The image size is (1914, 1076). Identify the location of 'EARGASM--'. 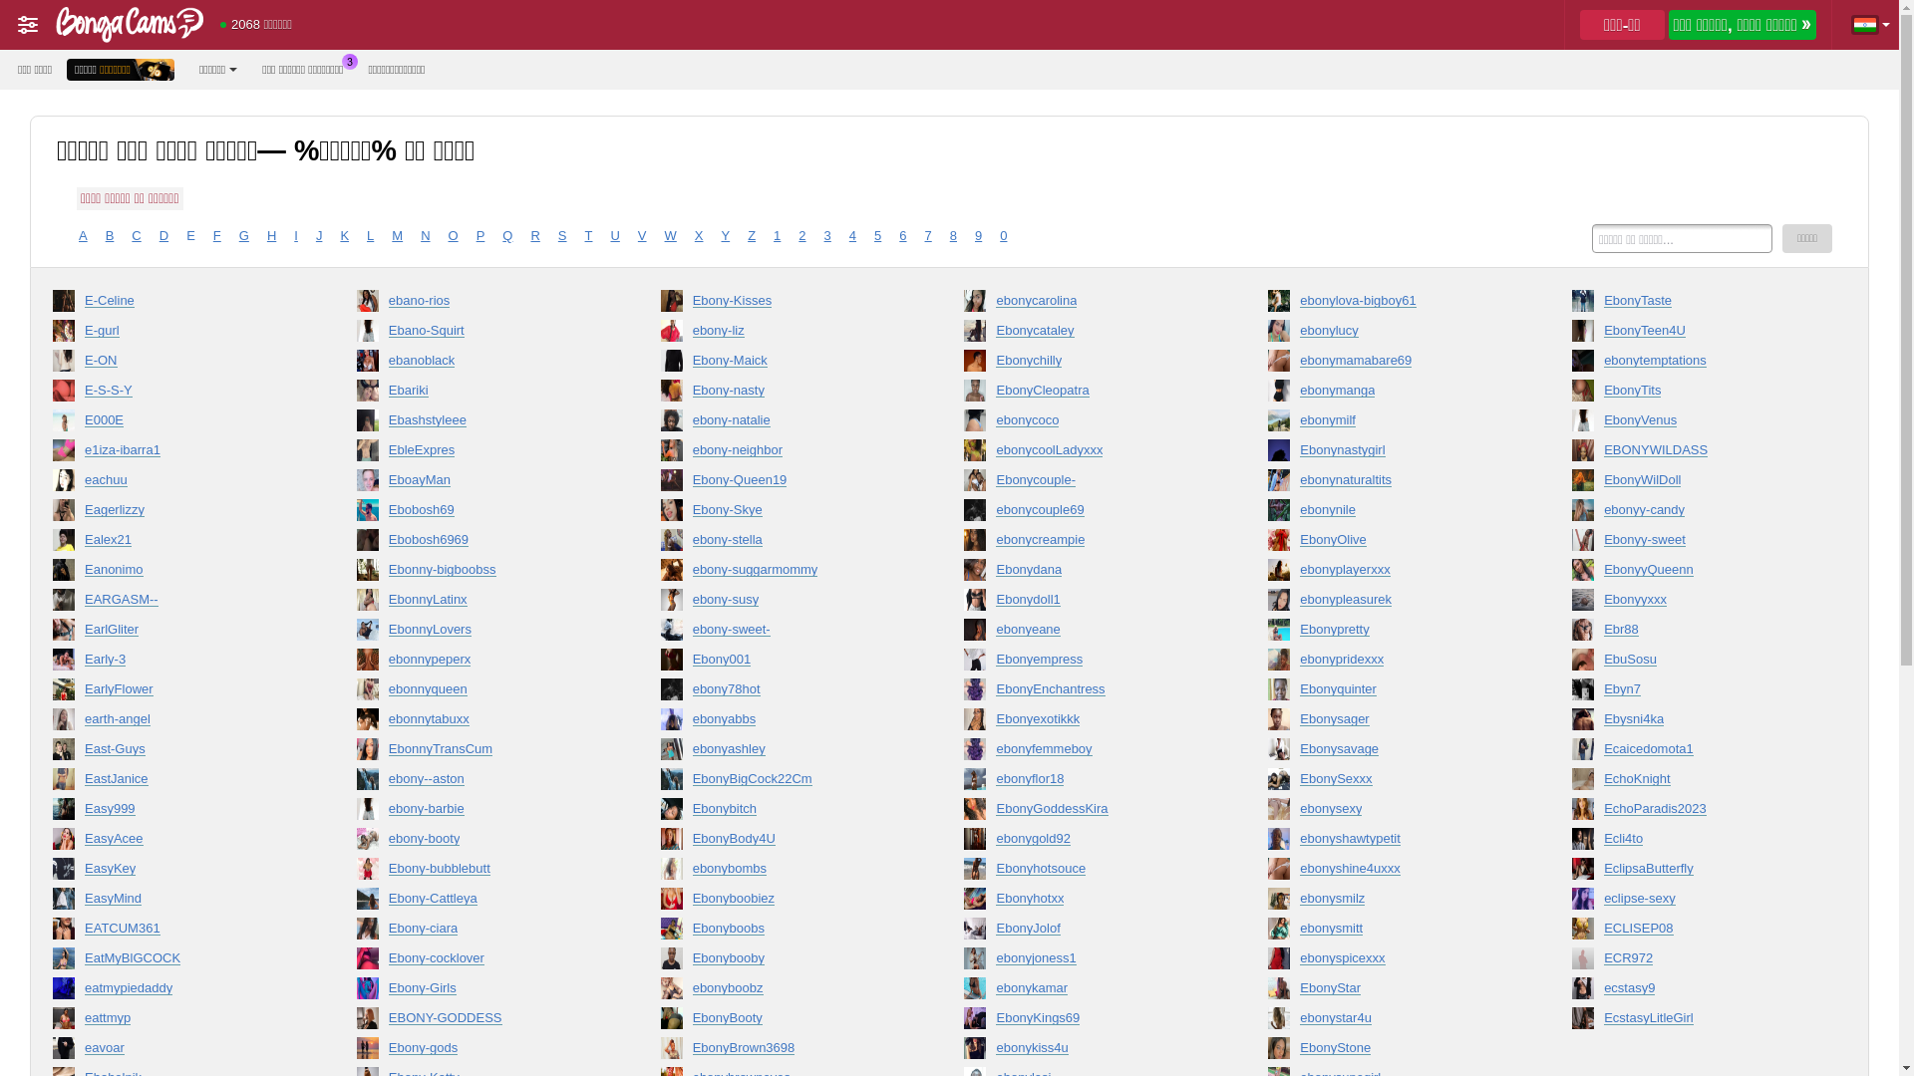
(176, 602).